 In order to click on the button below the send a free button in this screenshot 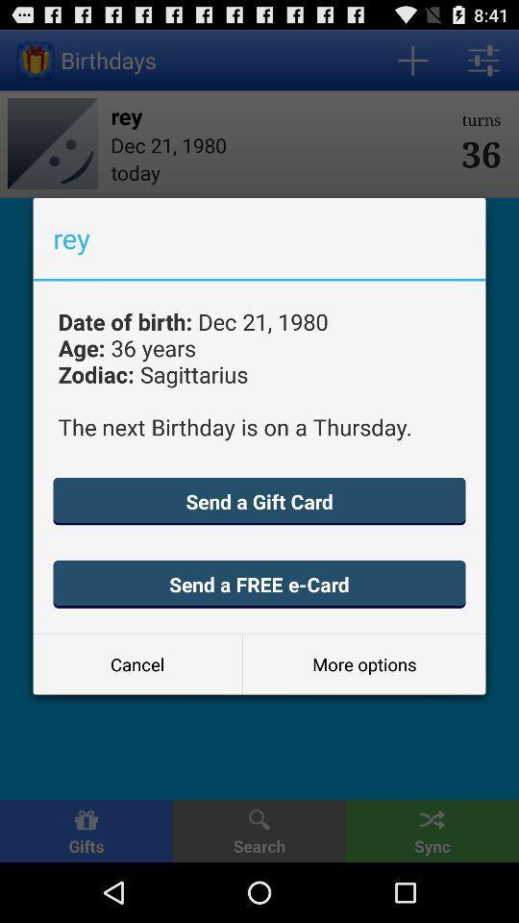, I will do `click(136, 664)`.